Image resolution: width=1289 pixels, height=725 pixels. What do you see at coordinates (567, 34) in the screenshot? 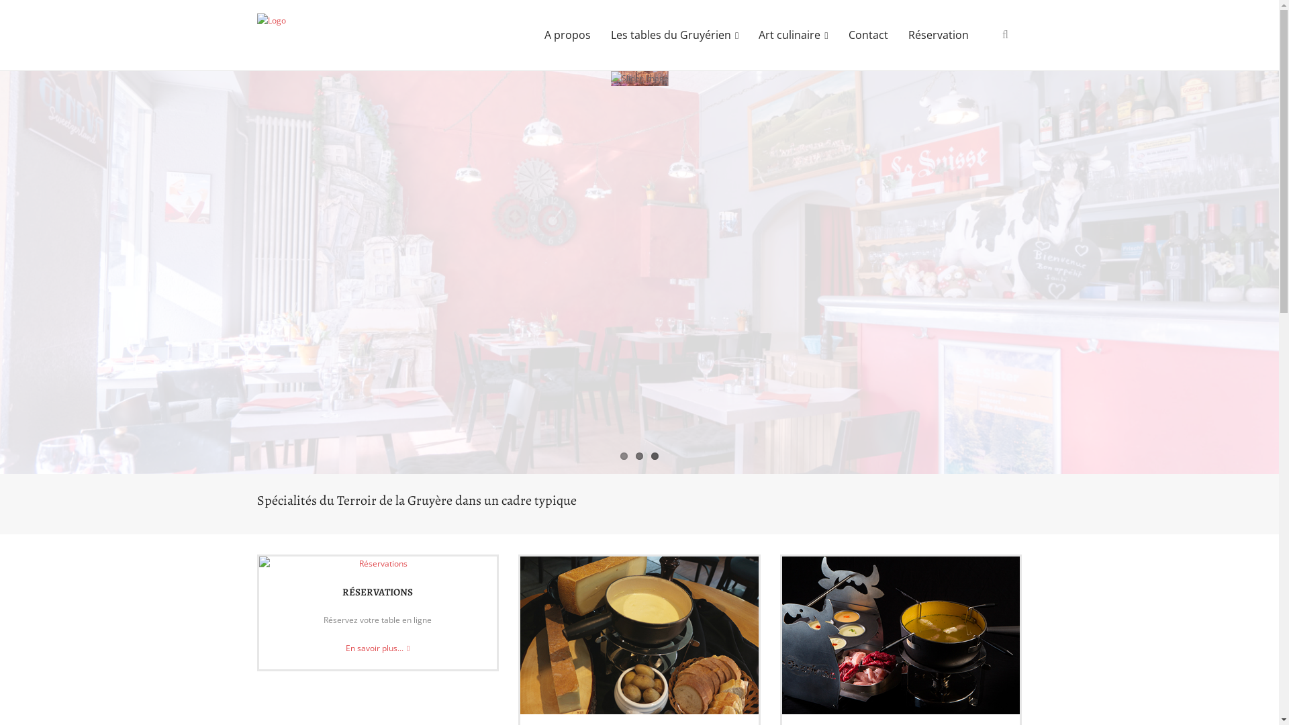
I see `'A propos'` at bounding box center [567, 34].